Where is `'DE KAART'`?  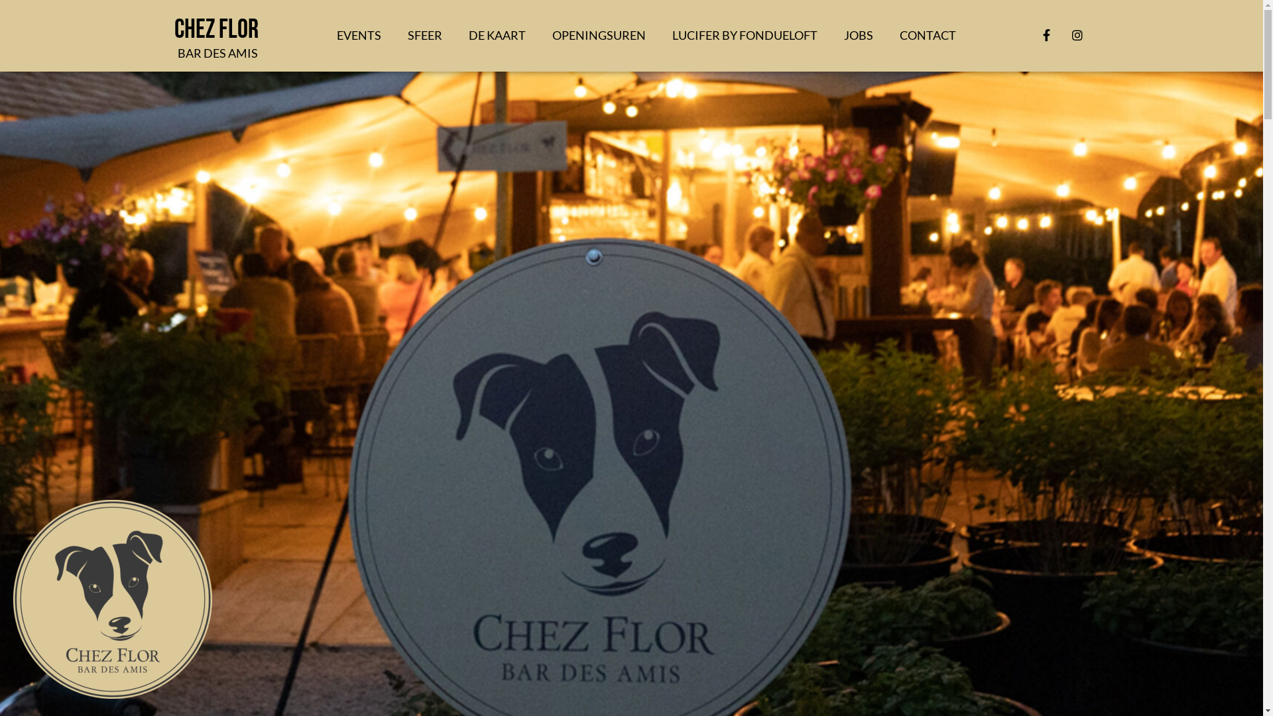 'DE KAART' is located at coordinates (496, 34).